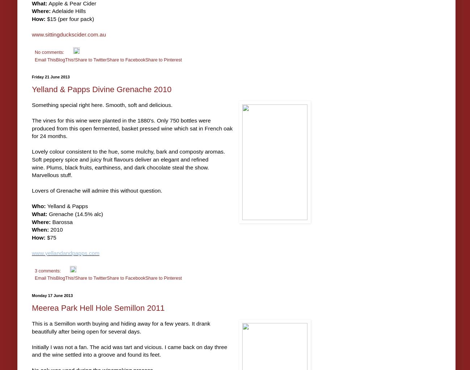 Image resolution: width=470 pixels, height=370 pixels. I want to click on 'www.yellandandpapps.com', so click(32, 253).